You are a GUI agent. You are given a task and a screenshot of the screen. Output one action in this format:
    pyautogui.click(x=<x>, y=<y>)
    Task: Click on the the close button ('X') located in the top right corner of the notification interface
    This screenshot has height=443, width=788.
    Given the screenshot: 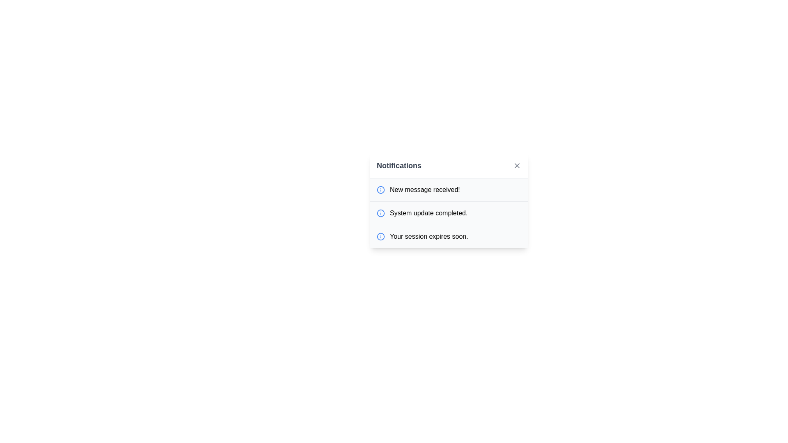 What is the action you would take?
    pyautogui.click(x=516, y=166)
    